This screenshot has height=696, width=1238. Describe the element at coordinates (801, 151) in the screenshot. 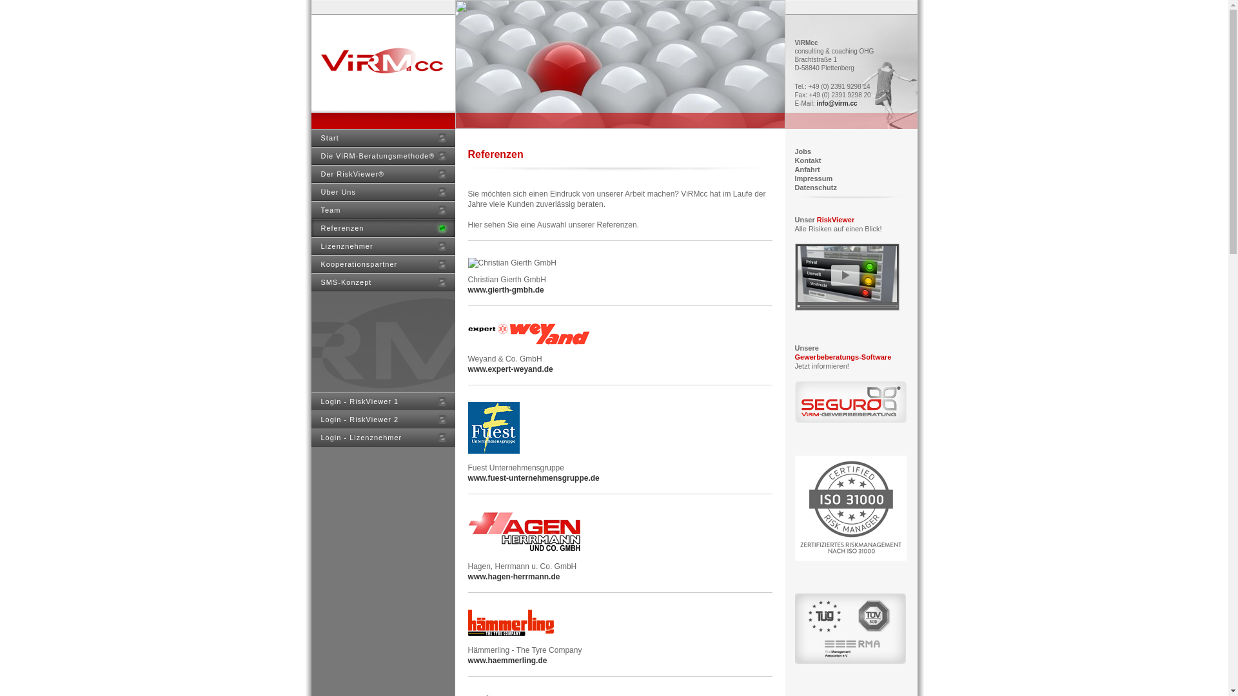

I see `'Jobs'` at that location.